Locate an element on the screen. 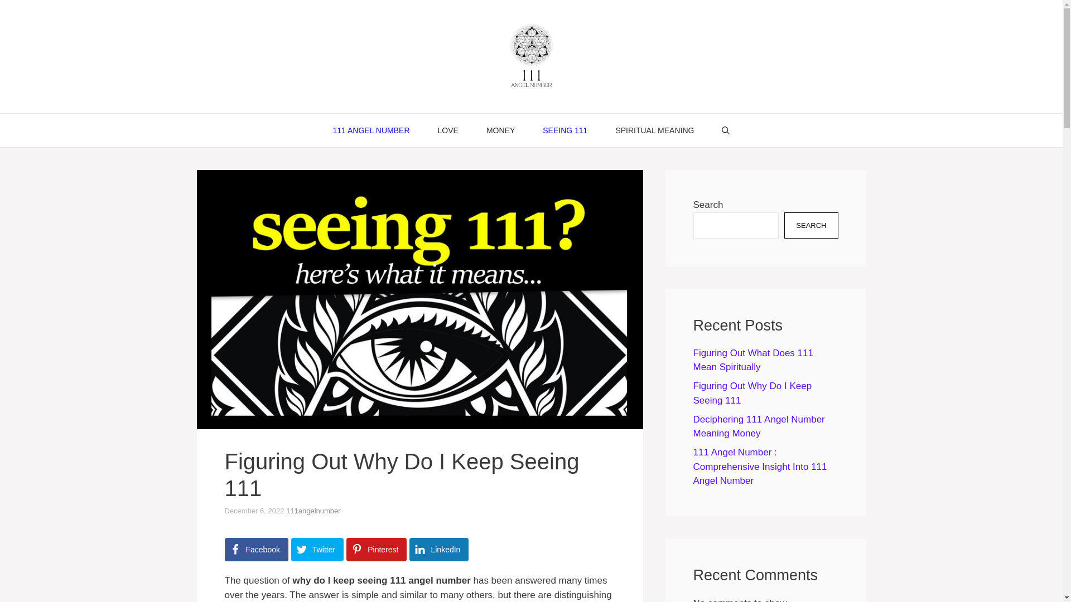  'Facebook' is located at coordinates (224, 549).